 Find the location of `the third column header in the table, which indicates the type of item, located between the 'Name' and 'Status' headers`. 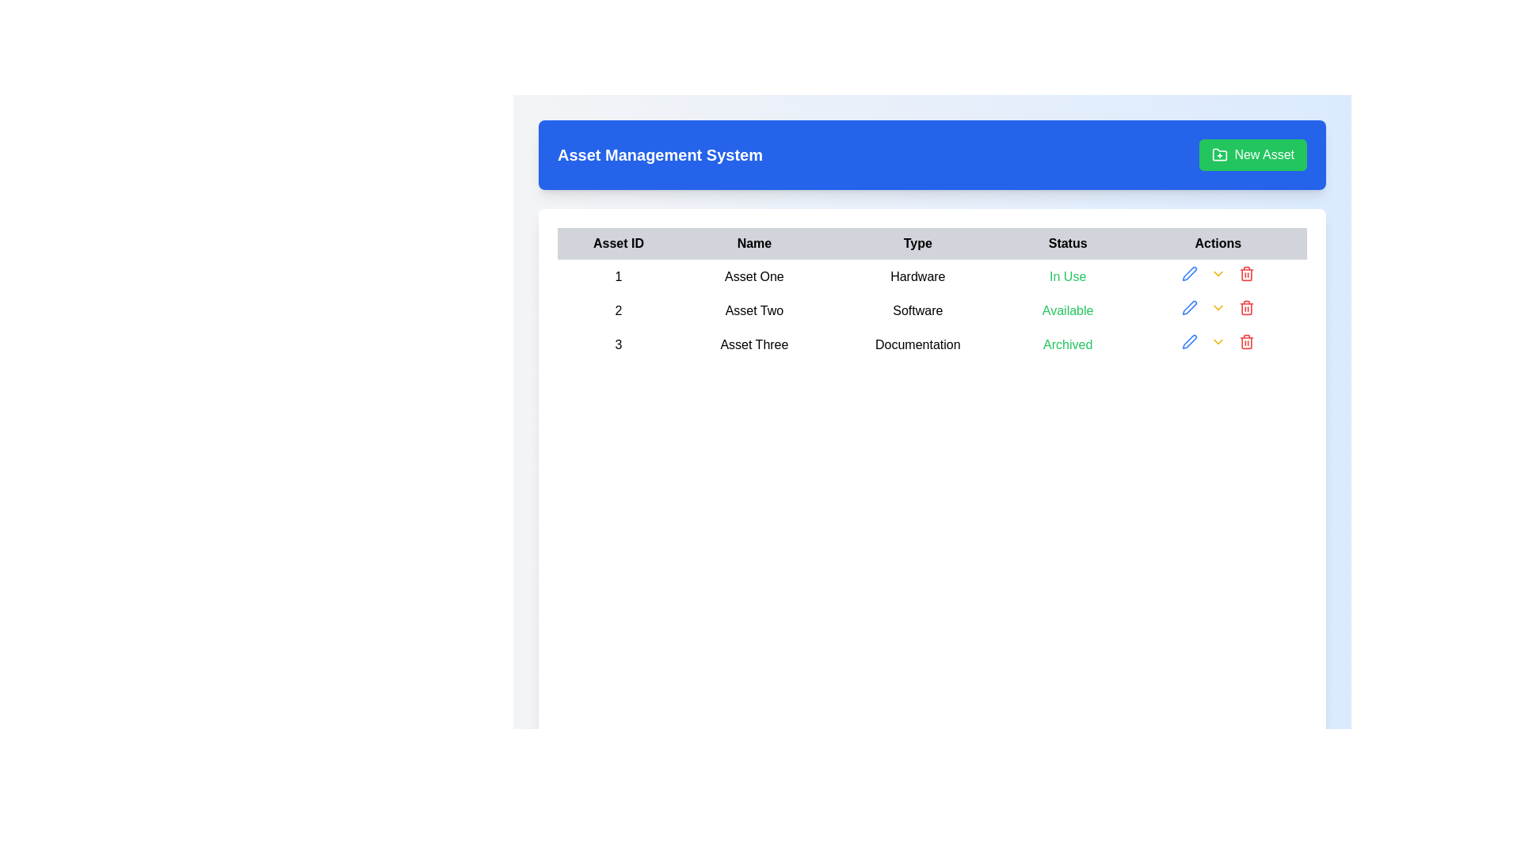

the third column header in the table, which indicates the type of item, located between the 'Name' and 'Status' headers is located at coordinates (917, 244).